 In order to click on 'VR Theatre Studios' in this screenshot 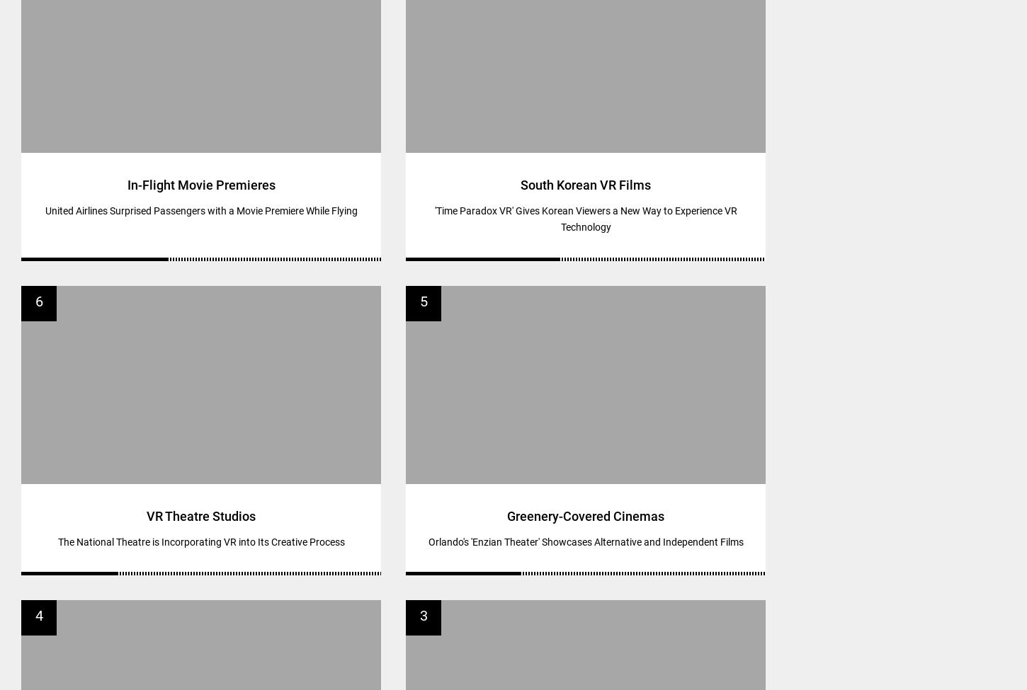, I will do `click(201, 514)`.